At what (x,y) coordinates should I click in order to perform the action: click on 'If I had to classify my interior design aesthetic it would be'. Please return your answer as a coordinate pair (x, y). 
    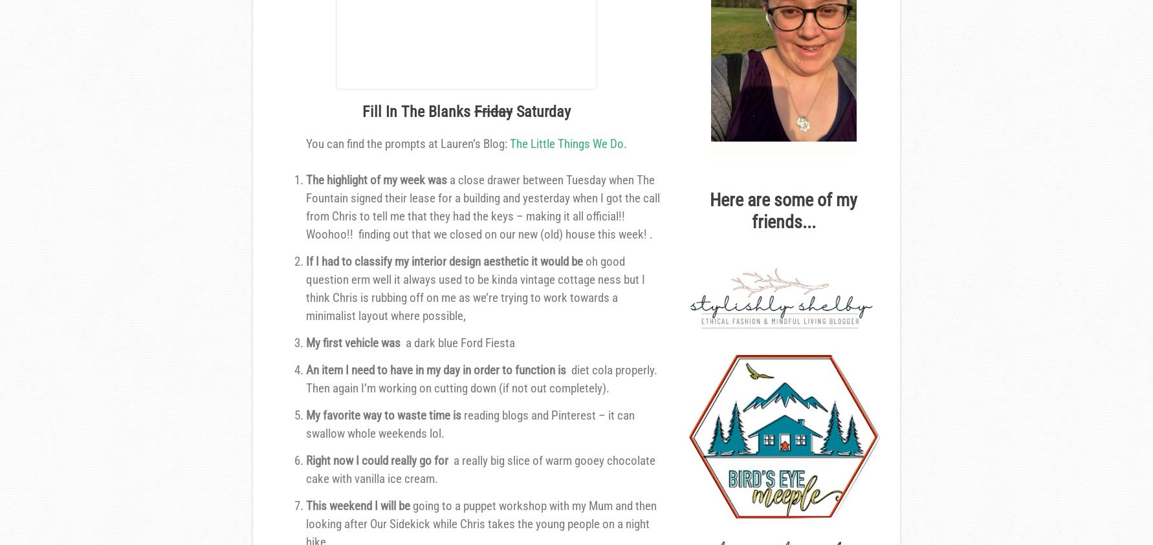
    Looking at the image, I should click on (445, 261).